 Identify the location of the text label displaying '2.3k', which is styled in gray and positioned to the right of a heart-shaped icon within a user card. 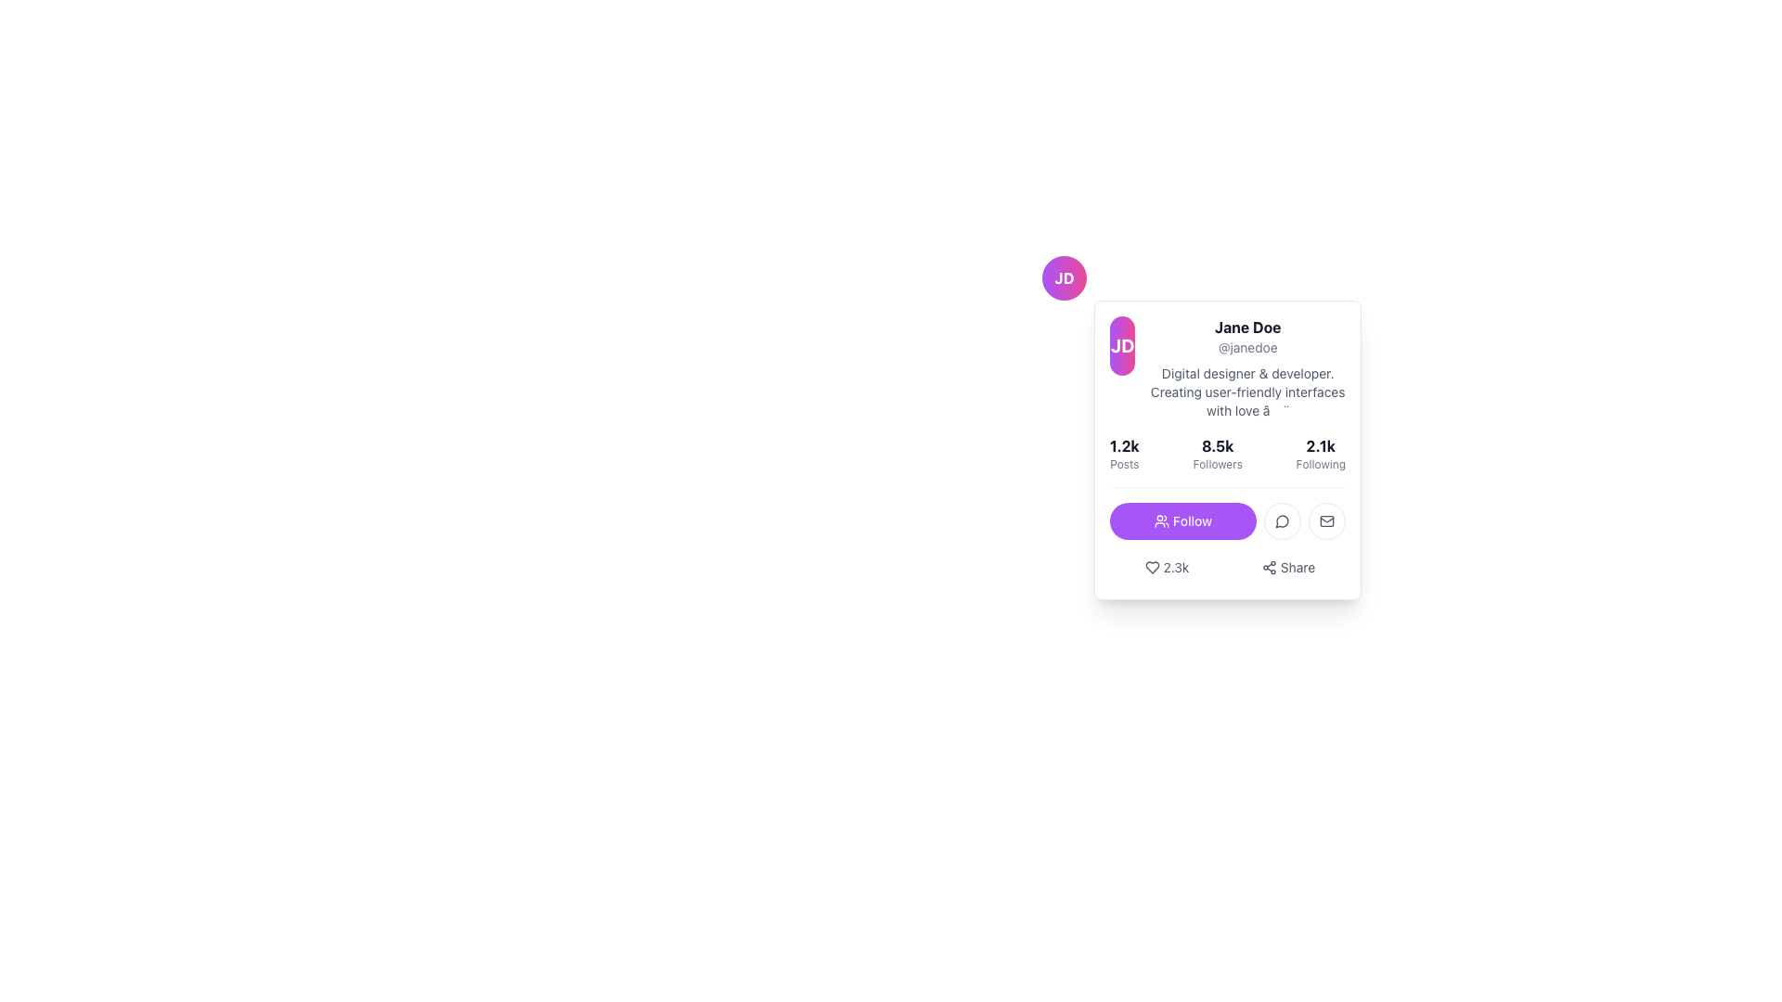
(1175, 567).